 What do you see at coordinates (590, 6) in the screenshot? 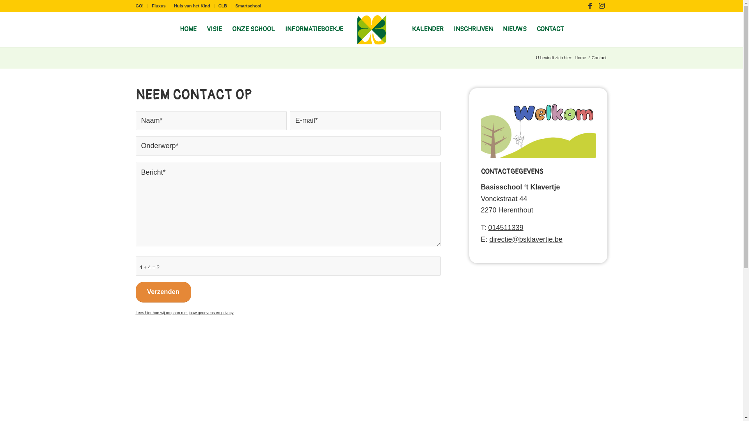
I see `'Facebook'` at bounding box center [590, 6].